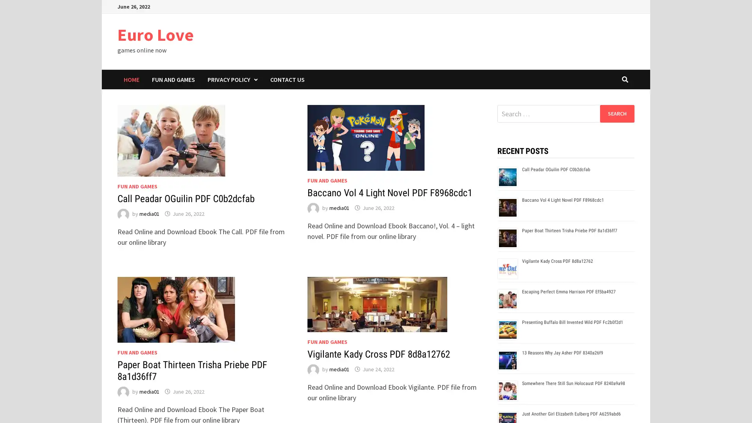 This screenshot has height=423, width=752. What do you see at coordinates (616, 113) in the screenshot?
I see `Search` at bounding box center [616, 113].